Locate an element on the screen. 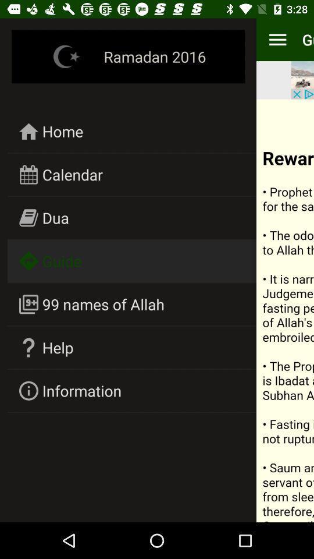 This screenshot has width=314, height=559. icon below calendar icon is located at coordinates (55, 217).